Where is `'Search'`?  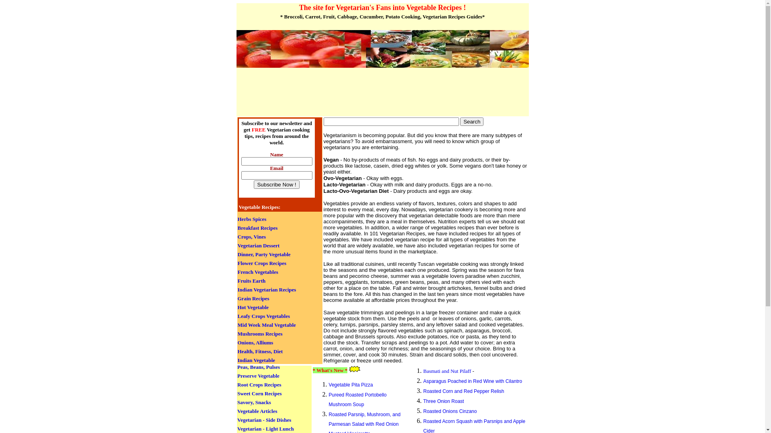 'Search' is located at coordinates (472, 121).